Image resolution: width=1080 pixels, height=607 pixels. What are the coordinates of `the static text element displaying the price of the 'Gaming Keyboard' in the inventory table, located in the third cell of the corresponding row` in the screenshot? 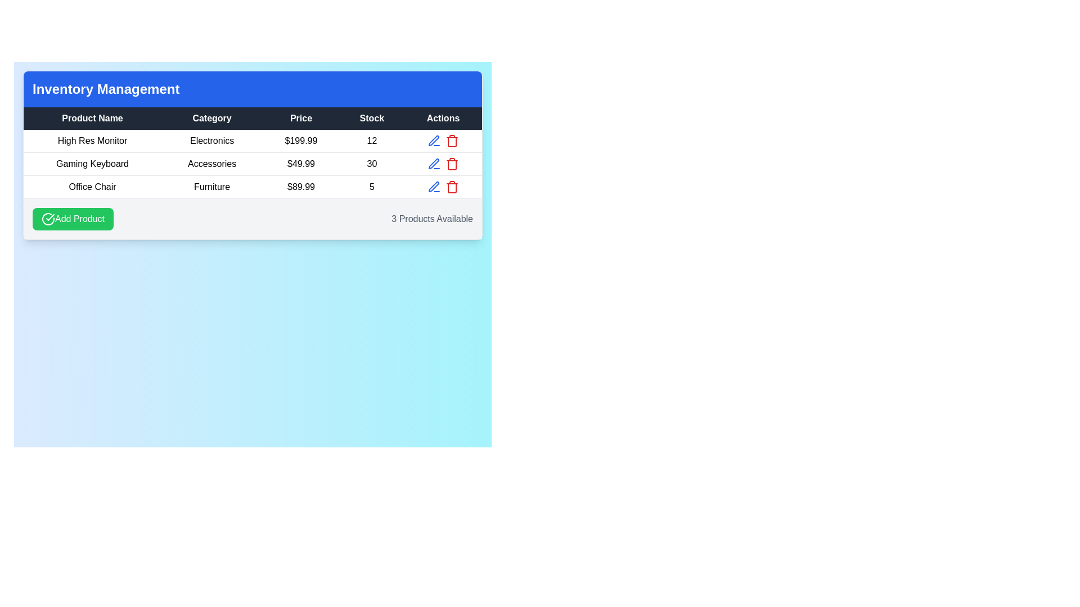 It's located at (301, 164).